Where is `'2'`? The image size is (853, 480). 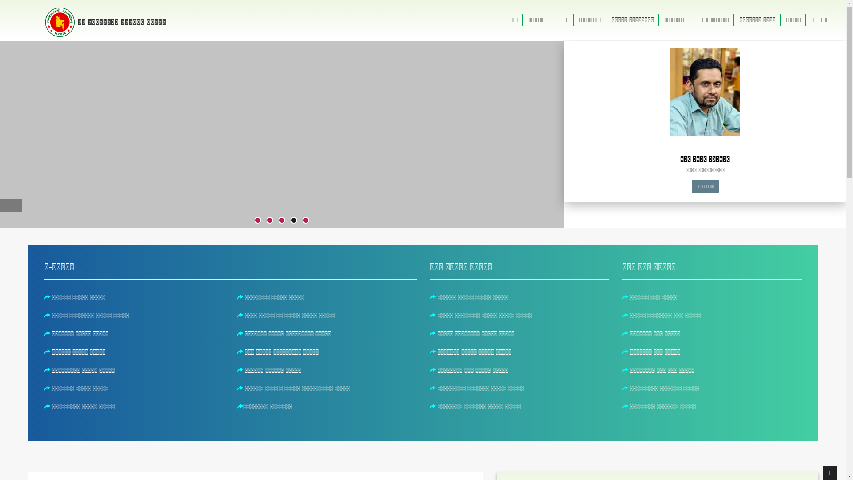 '2' is located at coordinates (269, 220).